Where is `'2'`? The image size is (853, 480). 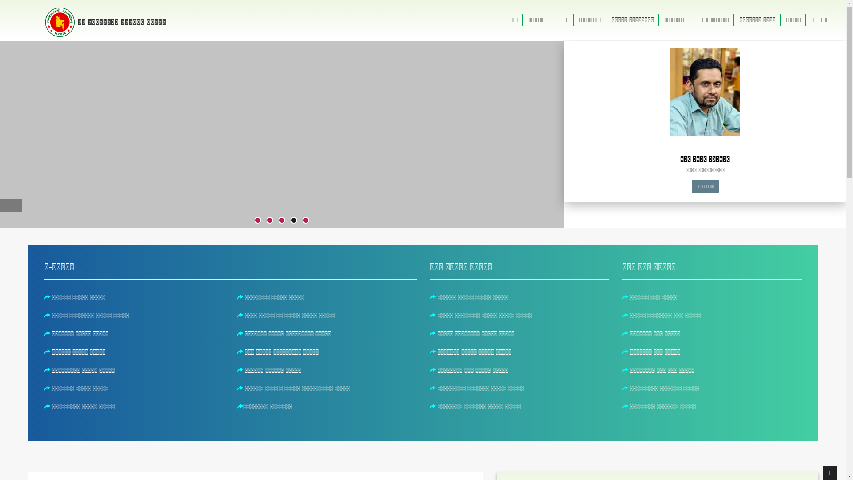 '2' is located at coordinates (269, 220).